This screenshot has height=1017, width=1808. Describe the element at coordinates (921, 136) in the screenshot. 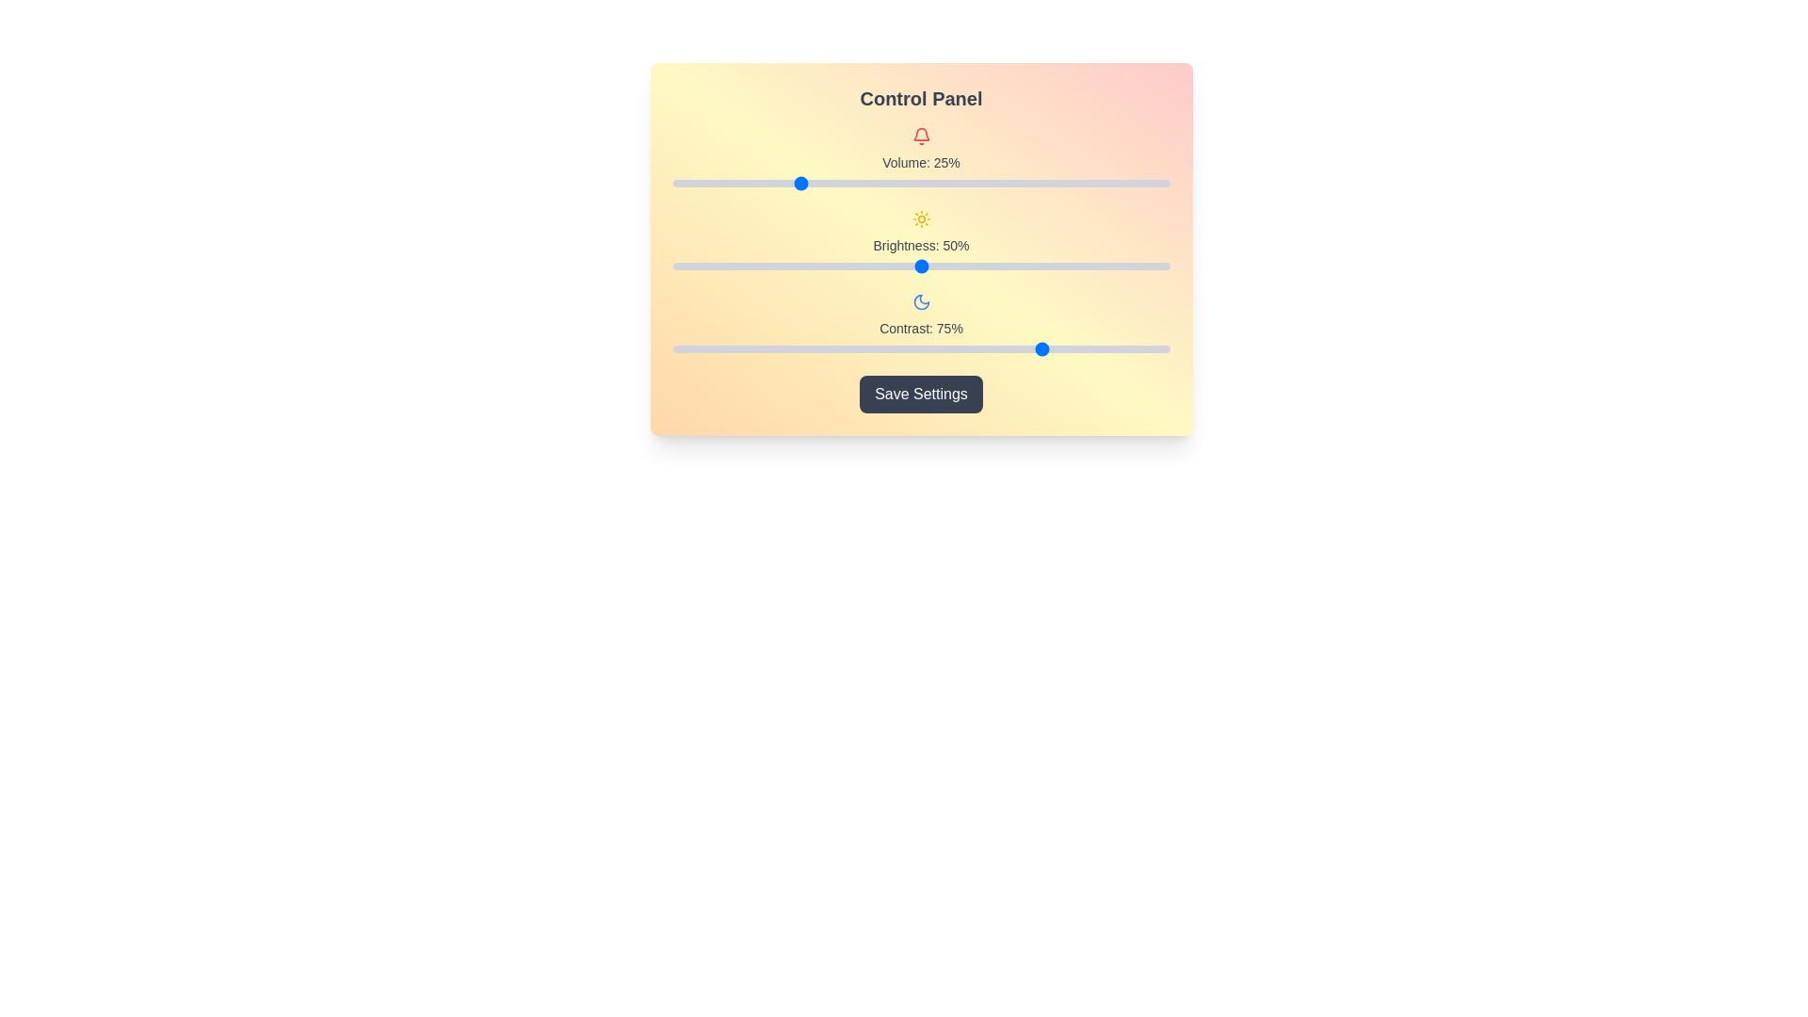

I see `the volume icon located at the center of the 'Volume: 25%' section, which is directly above the volume slider` at that location.